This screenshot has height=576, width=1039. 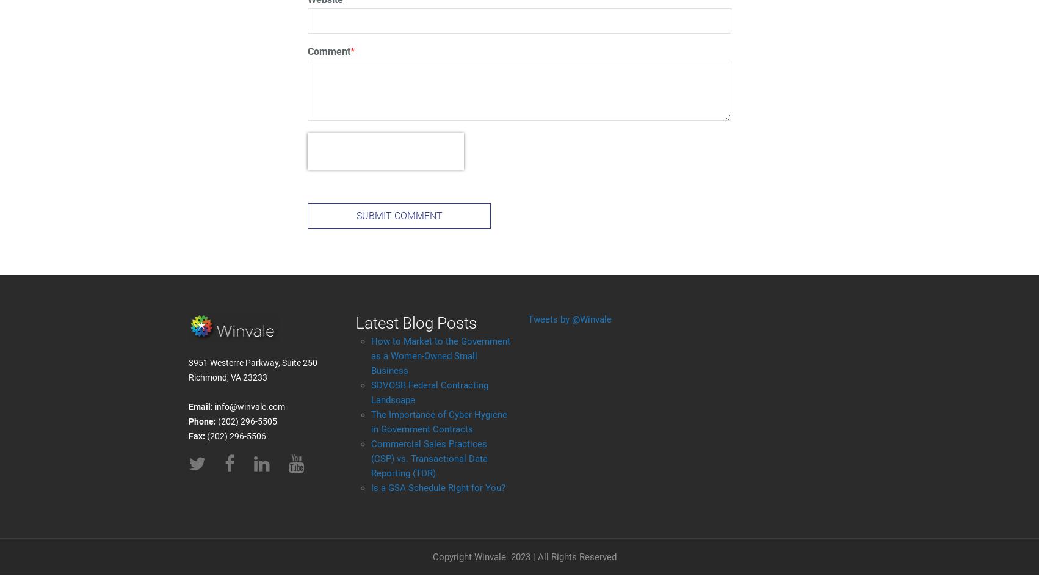 I want to click on 'info@winvale.com', so click(x=214, y=407).